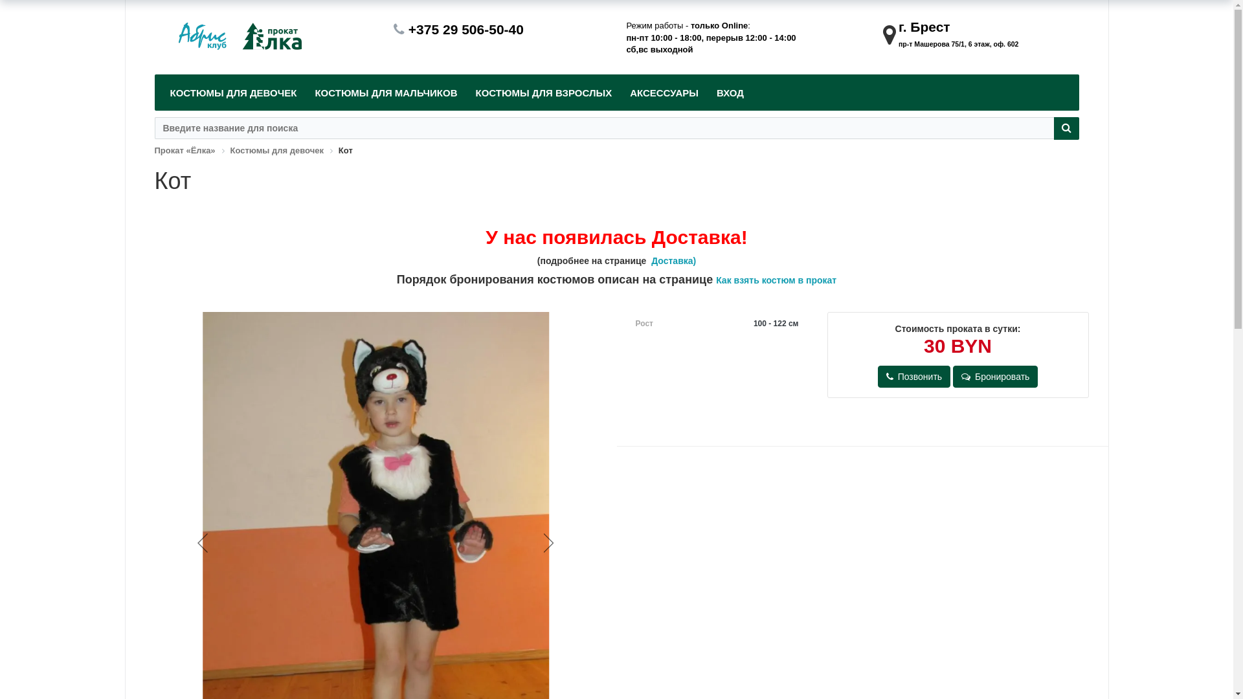  I want to click on '+375 29 506-50-40', so click(407, 29).